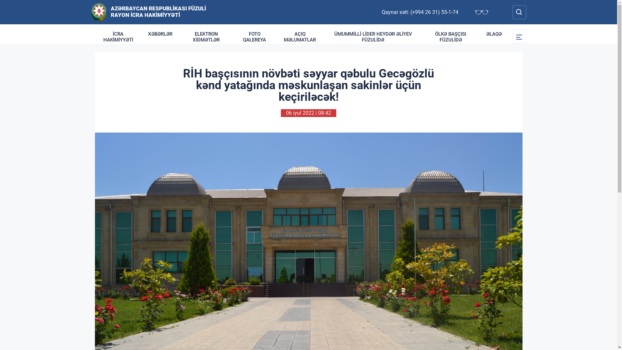 The width and height of the screenshot is (622, 350). I want to click on 'FOTO QALEREYA', so click(254, 37).